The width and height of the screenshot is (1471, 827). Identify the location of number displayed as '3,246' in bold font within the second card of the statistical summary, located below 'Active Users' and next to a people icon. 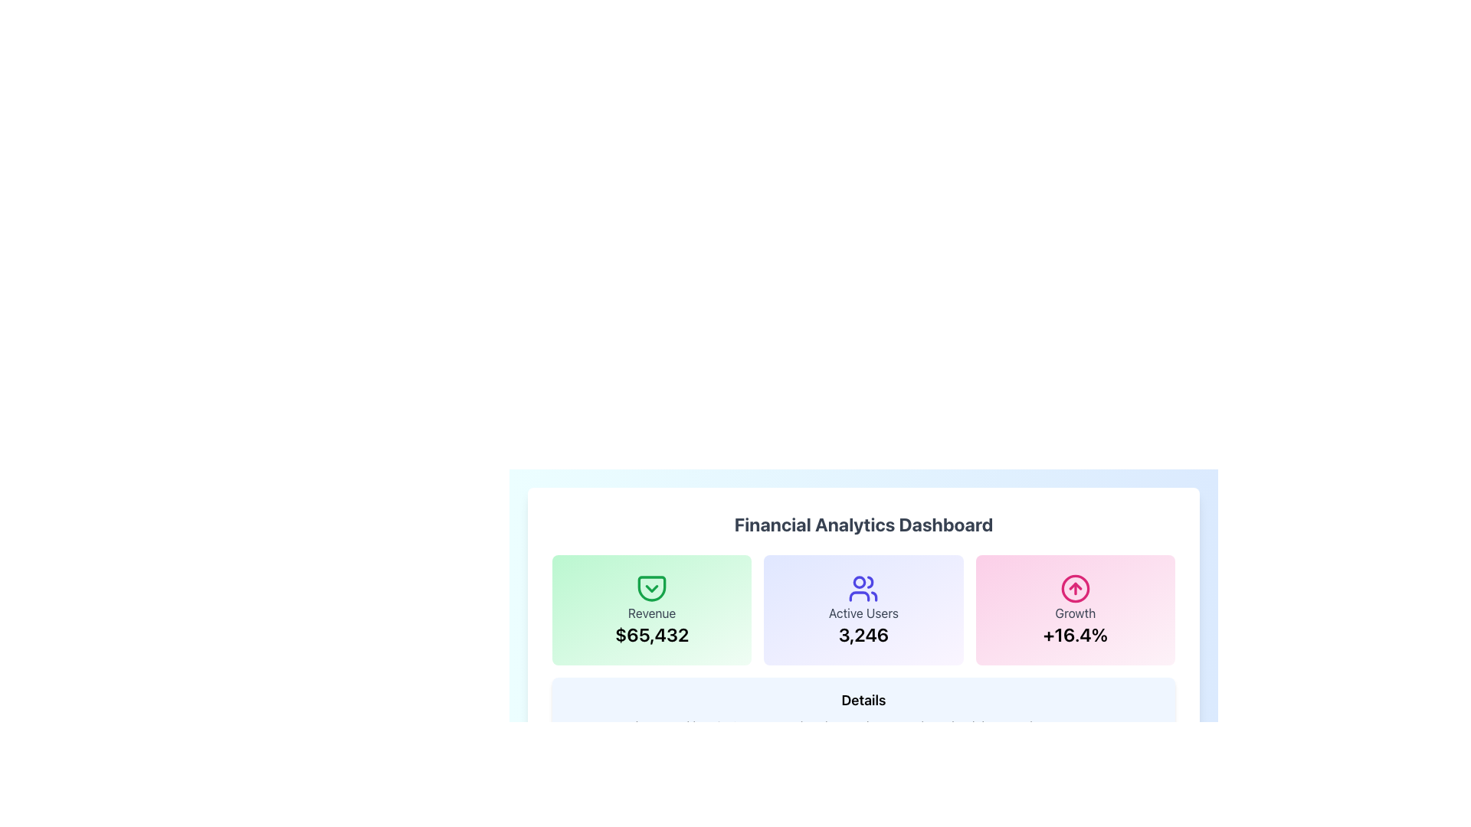
(863, 635).